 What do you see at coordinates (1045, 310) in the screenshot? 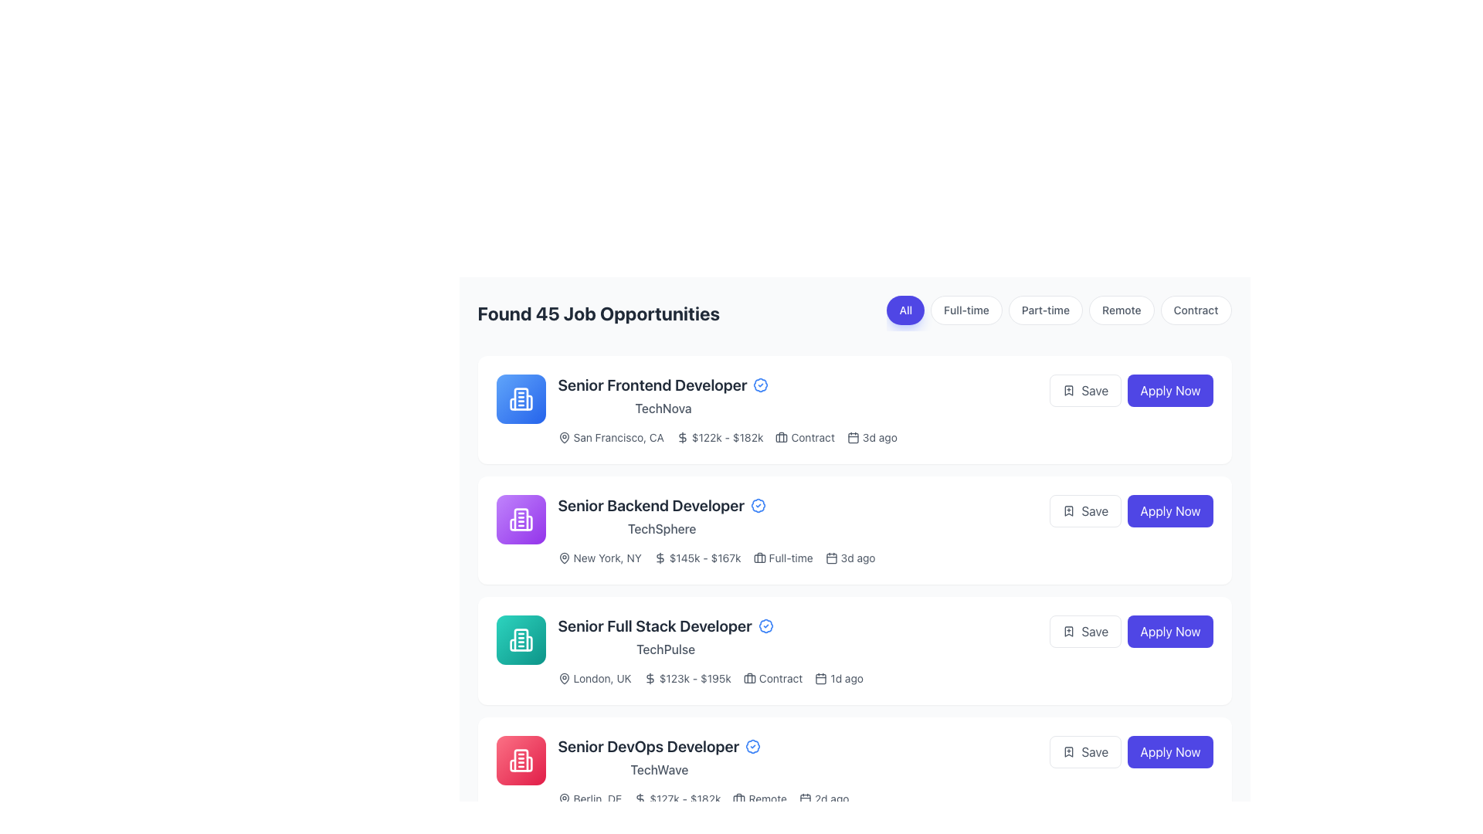
I see `the 'Part-time' button, which has a rounded shape, white background, gray text, and is the third button in a row of job filters` at bounding box center [1045, 310].